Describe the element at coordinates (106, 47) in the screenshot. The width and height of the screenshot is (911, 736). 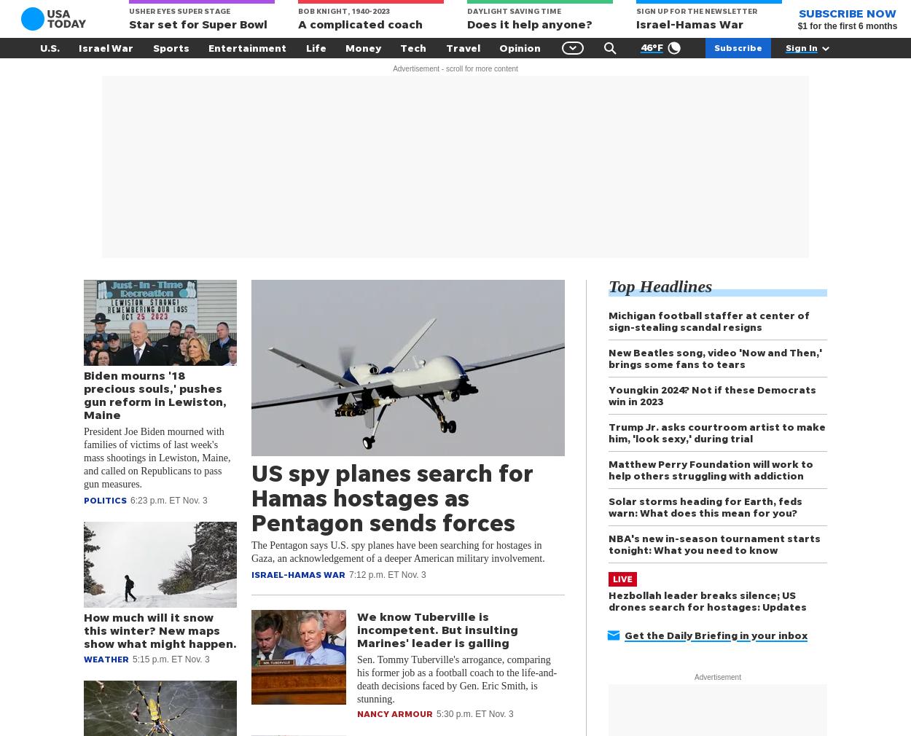
I see `'Israel War'` at that location.